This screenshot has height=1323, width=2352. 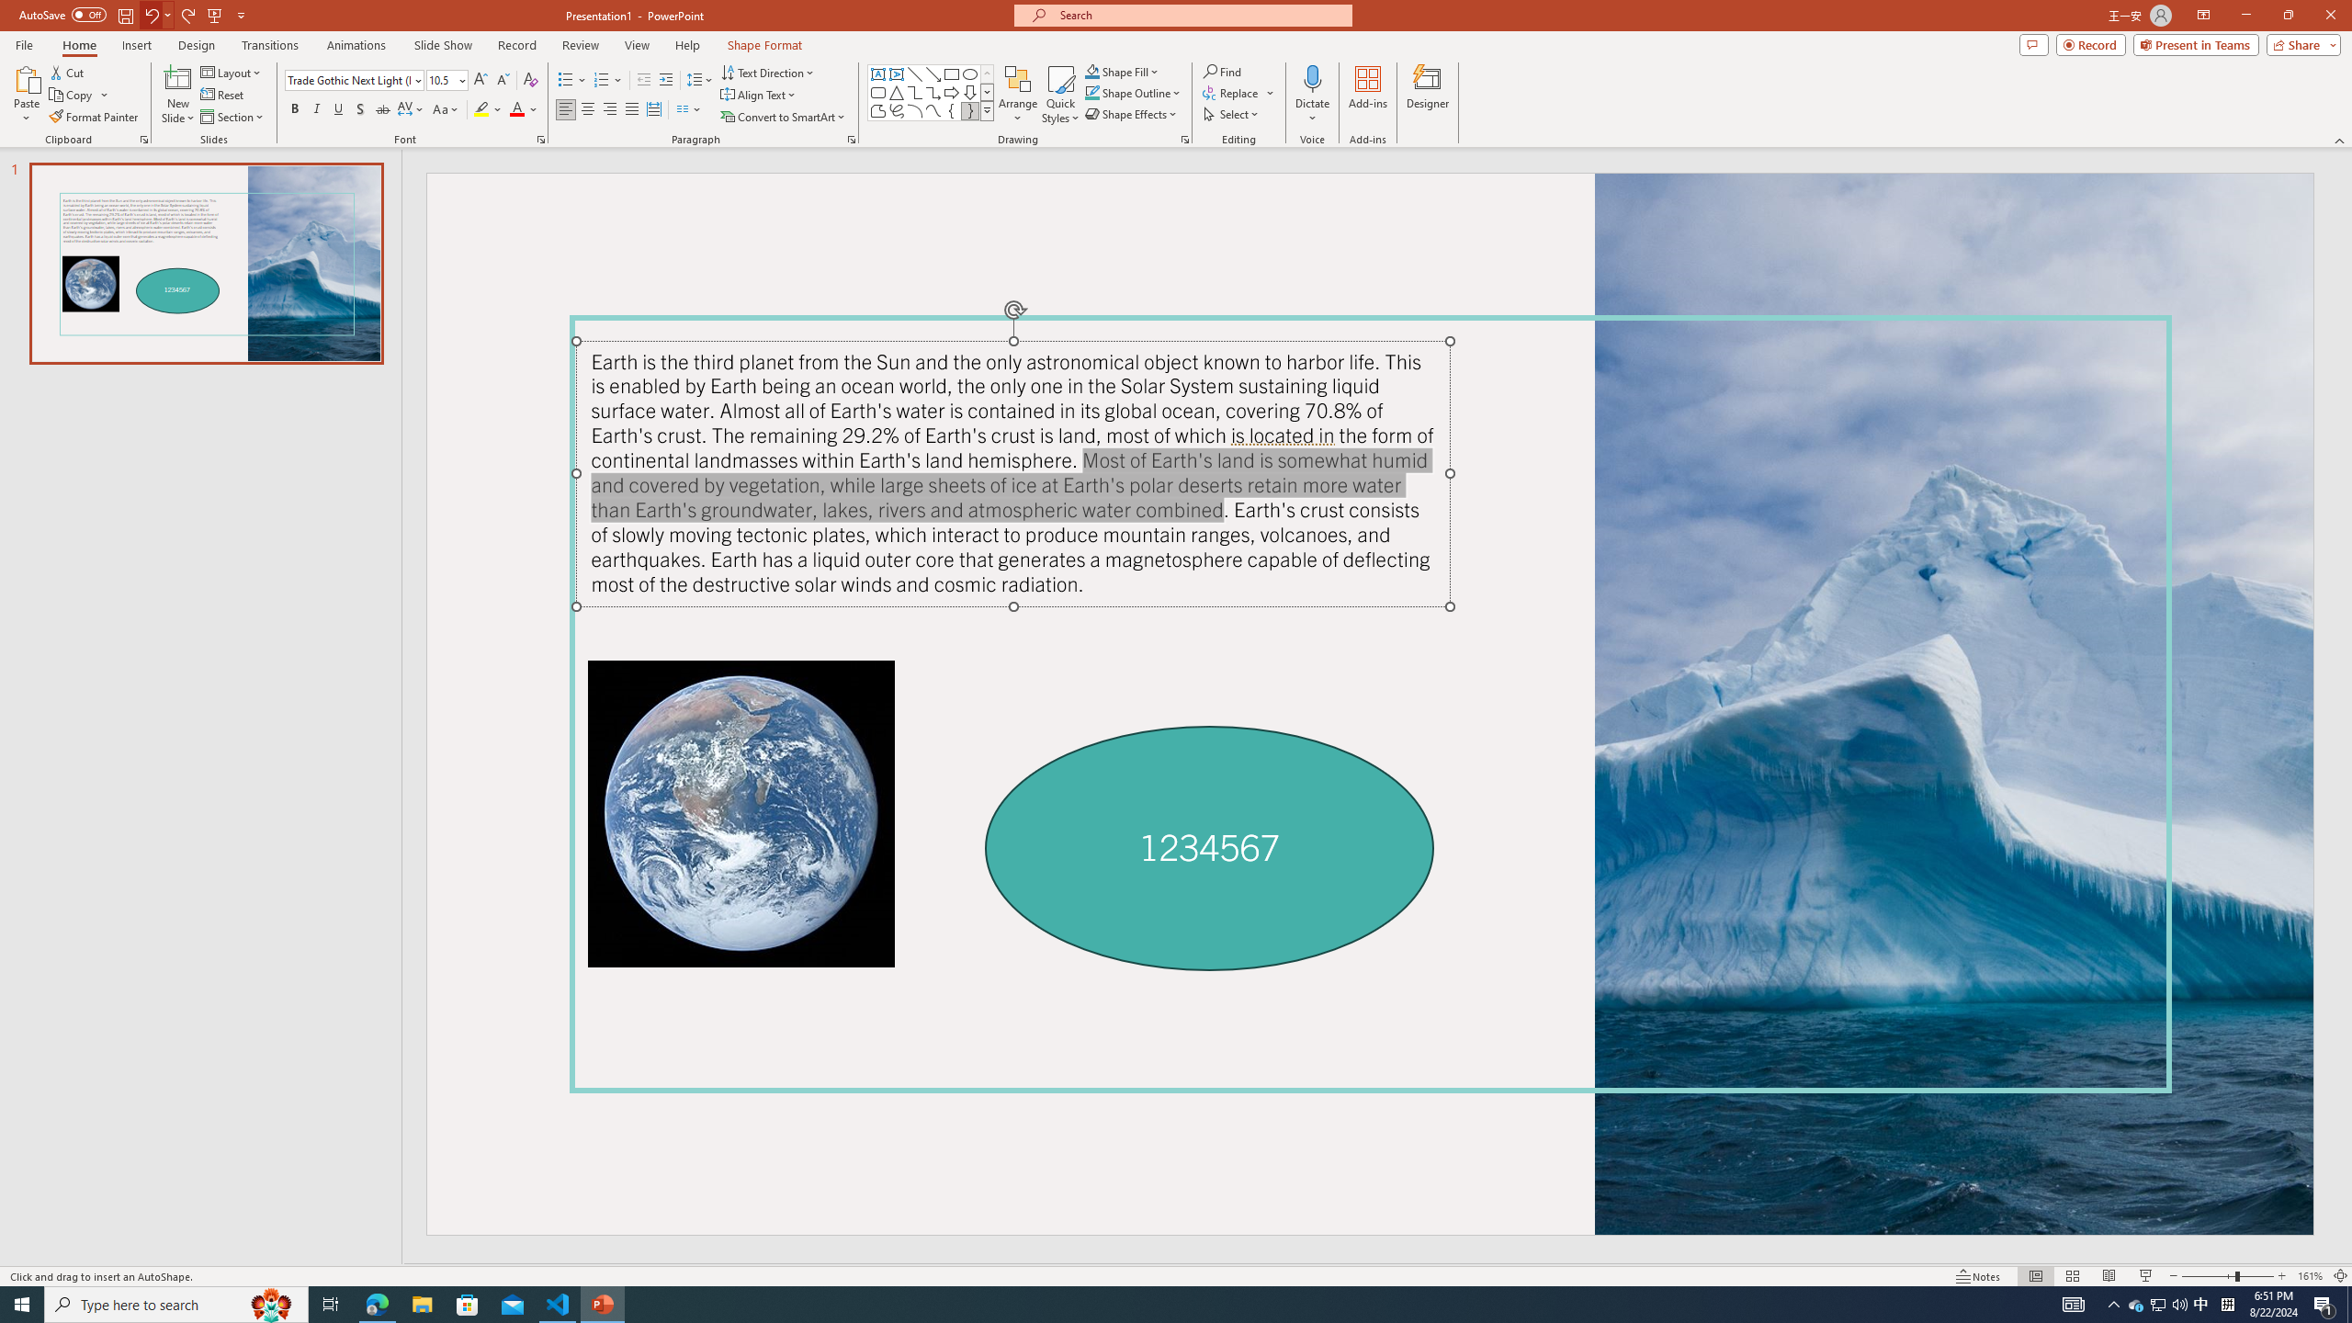 What do you see at coordinates (2311, 1276) in the screenshot?
I see `'Zoom 161%'` at bounding box center [2311, 1276].